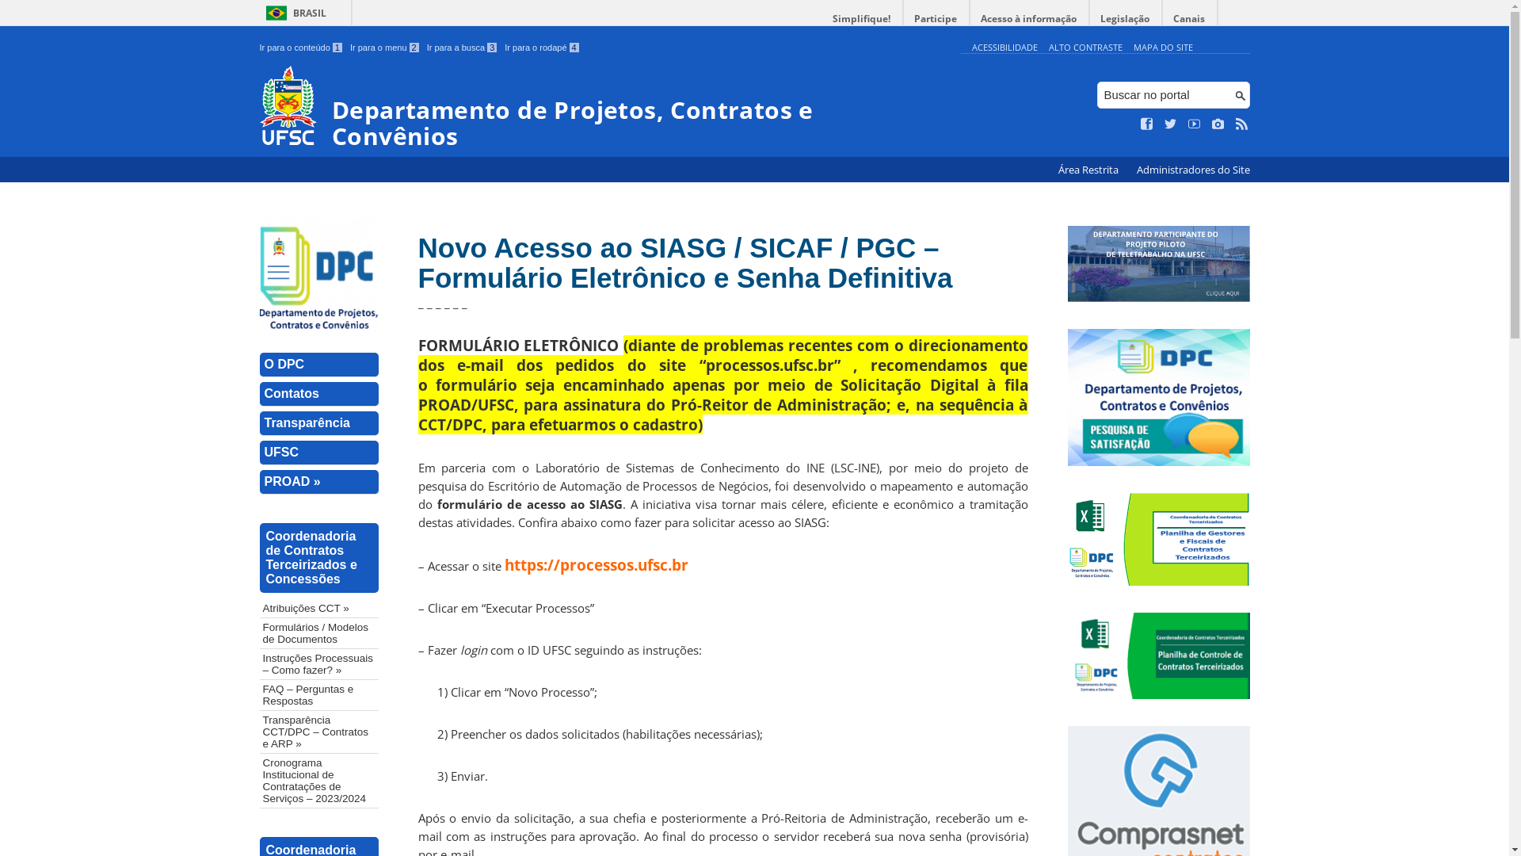  I want to click on 'Simplifique!', so click(861, 18).